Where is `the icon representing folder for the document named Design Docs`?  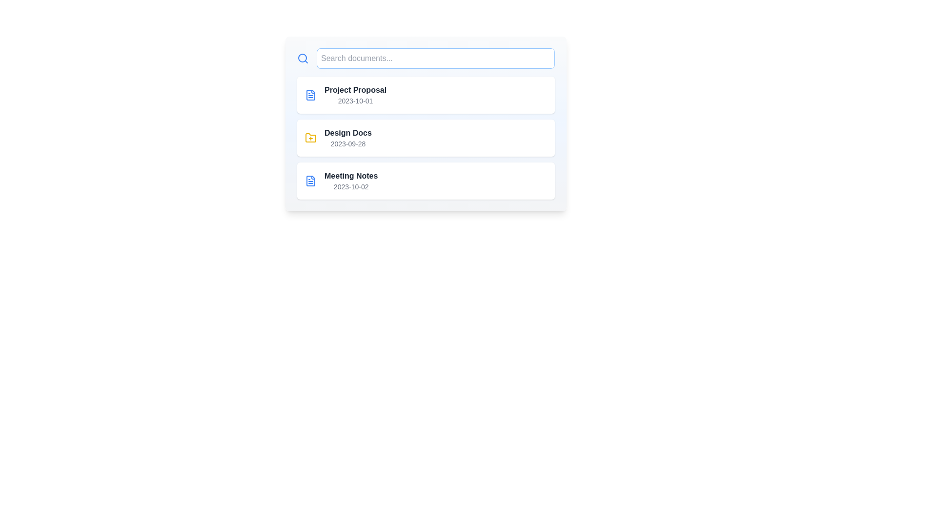 the icon representing folder for the document named Design Docs is located at coordinates (310, 138).